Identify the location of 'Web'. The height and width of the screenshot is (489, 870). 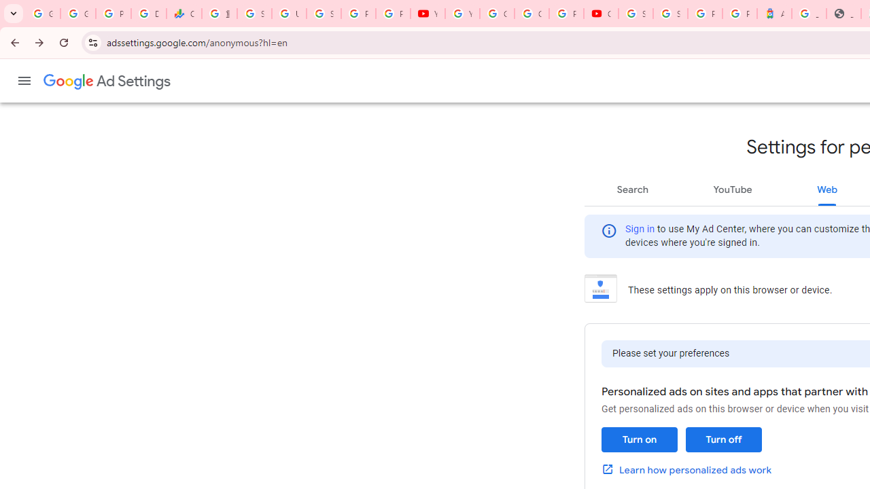
(826, 189).